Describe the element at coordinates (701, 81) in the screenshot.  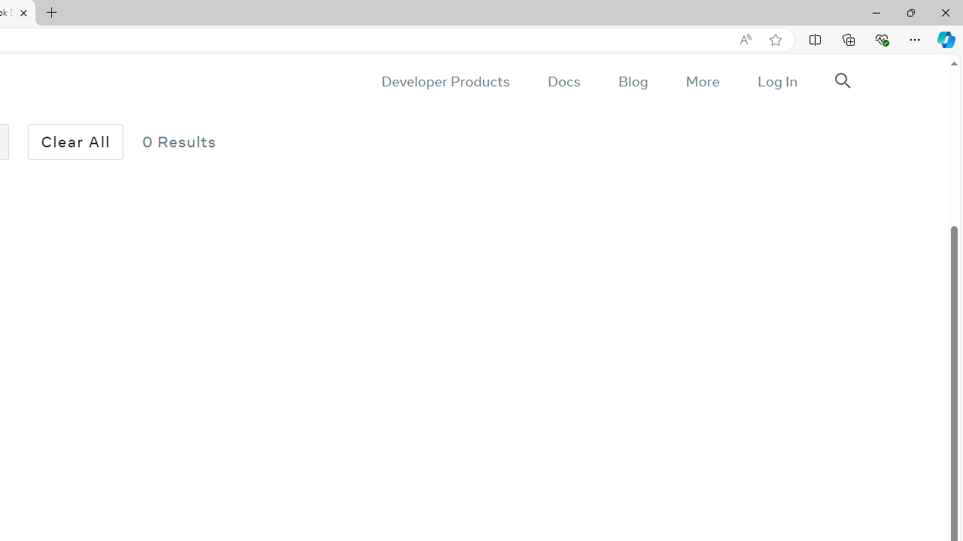
I see `'More'` at that location.